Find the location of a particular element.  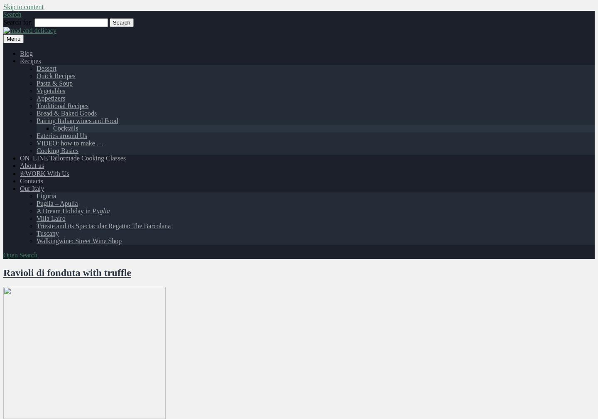

'Recipes' is located at coordinates (19, 61).